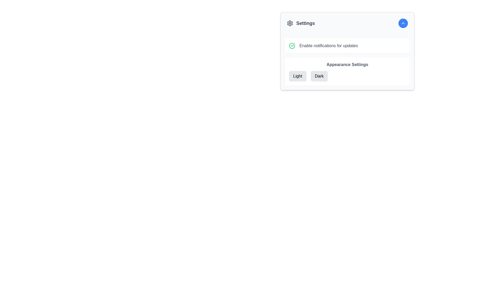 The image size is (503, 283). Describe the element at coordinates (305, 23) in the screenshot. I see `the descriptive label located in the top-left corner of the settings section, which is positioned to the right of a gear icon` at that location.